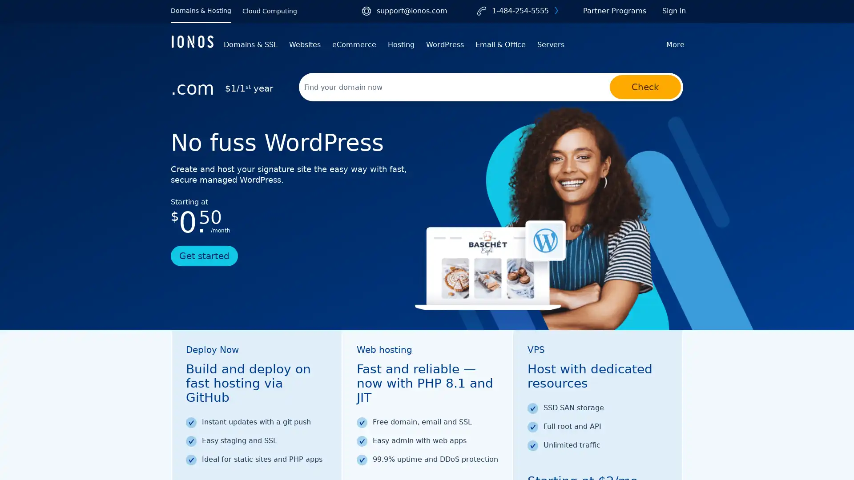  Describe the element at coordinates (437, 44) in the screenshot. I see `WordPress` at that location.